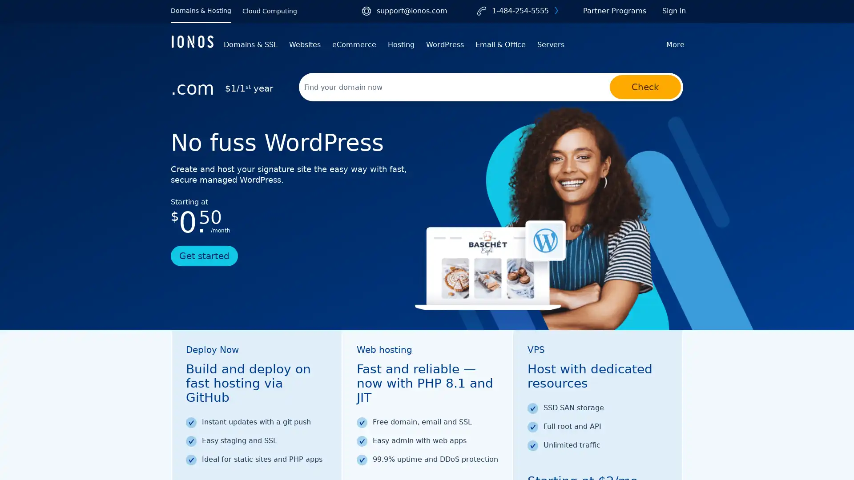  Describe the element at coordinates (437, 44) in the screenshot. I see `WordPress` at that location.